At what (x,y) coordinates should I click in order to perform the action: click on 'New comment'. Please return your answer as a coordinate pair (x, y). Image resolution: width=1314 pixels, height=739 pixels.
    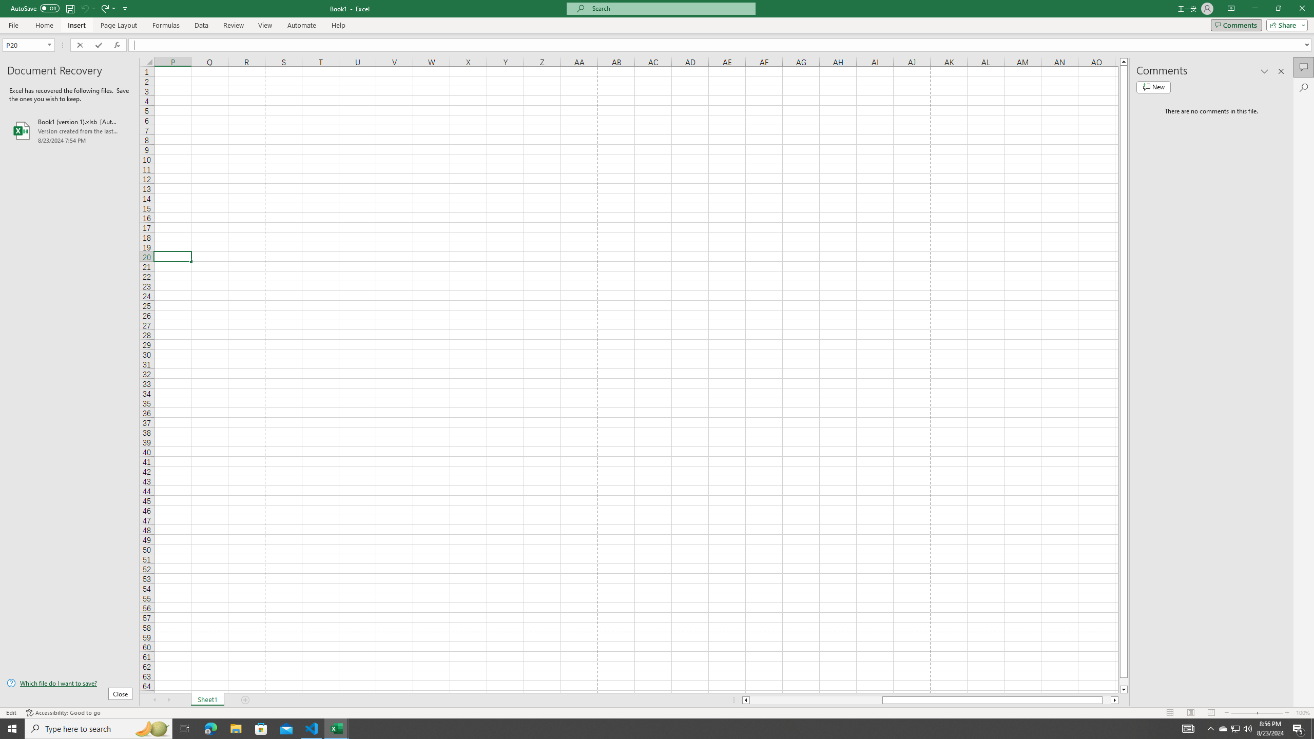
    Looking at the image, I should click on (1153, 86).